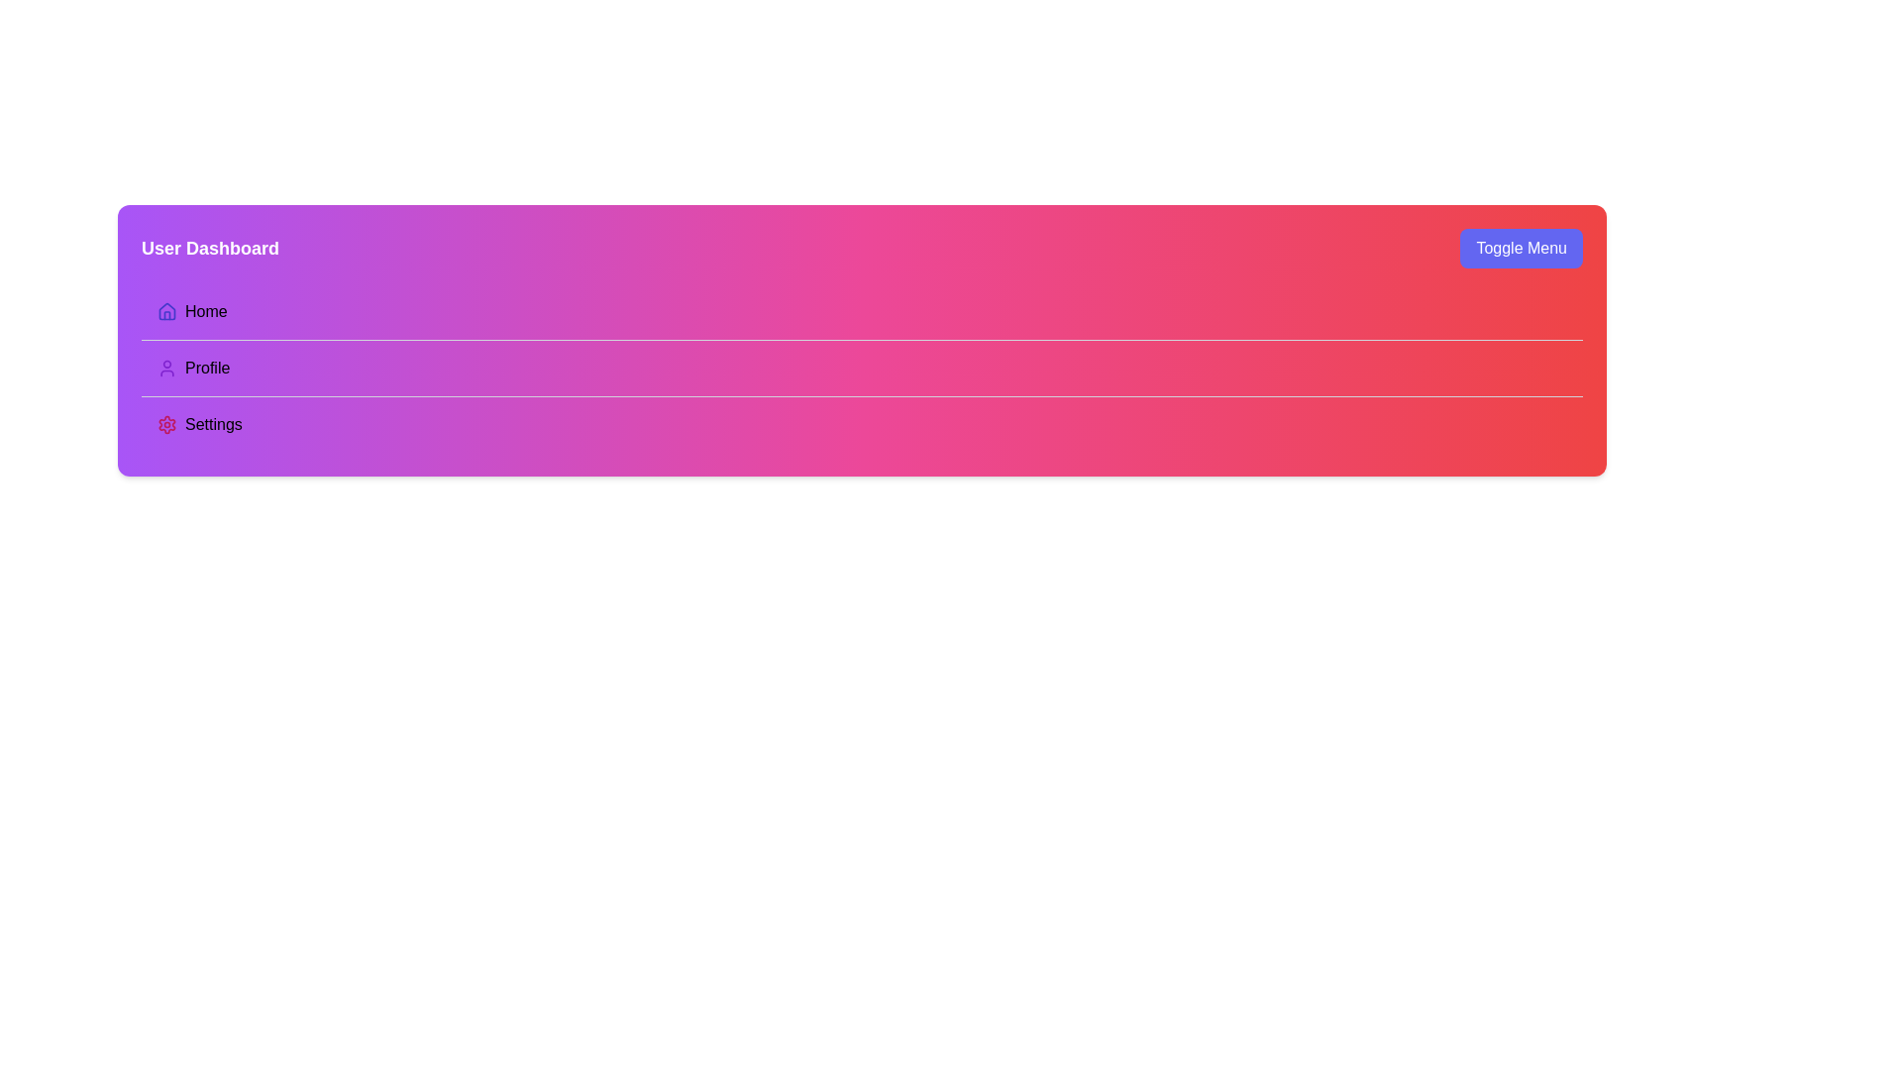 This screenshot has height=1070, width=1902. What do you see at coordinates (166, 423) in the screenshot?
I see `the pink gear-shaped icon located in the bottom row labeled 'Settings'` at bounding box center [166, 423].